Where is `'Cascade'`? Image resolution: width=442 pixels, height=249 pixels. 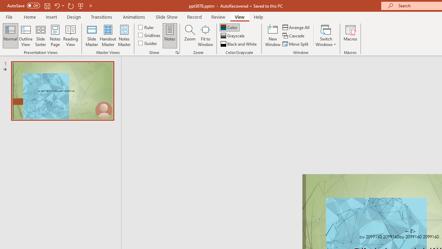
'Cascade' is located at coordinates (294, 36).